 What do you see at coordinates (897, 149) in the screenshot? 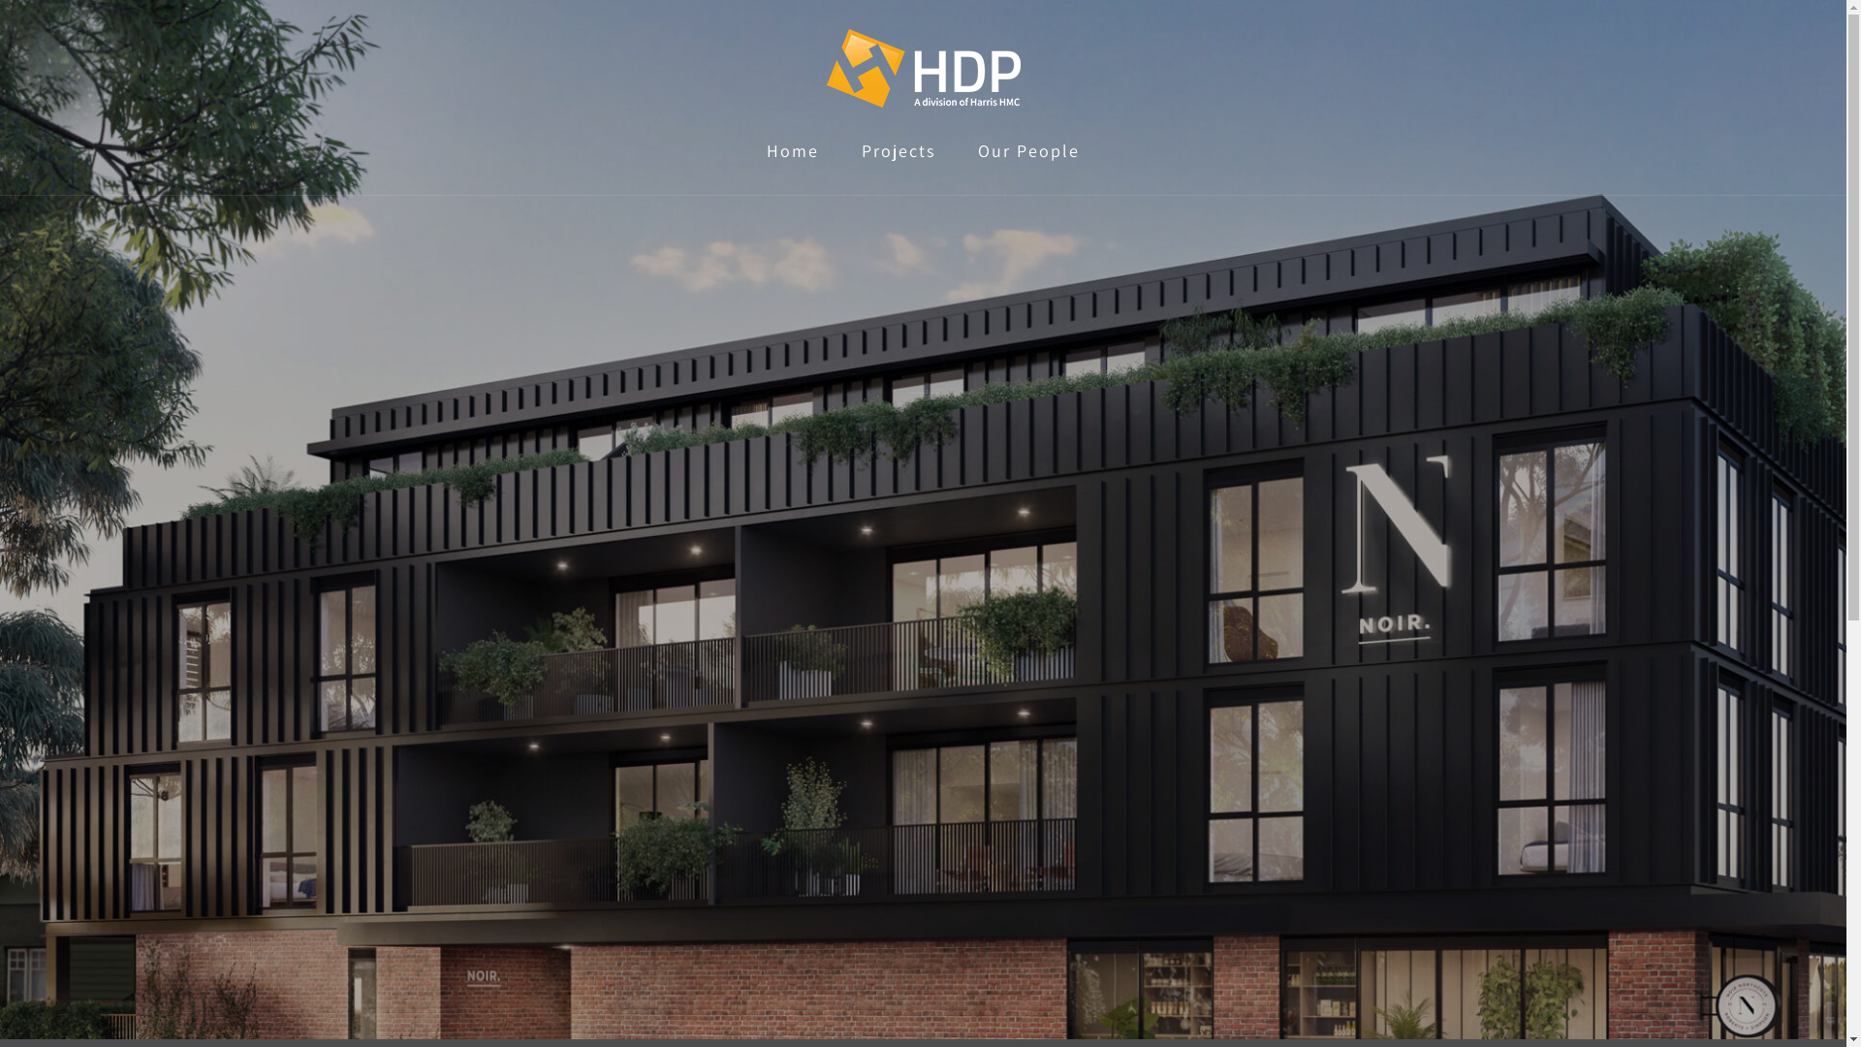
I see `'Projects'` at bounding box center [897, 149].